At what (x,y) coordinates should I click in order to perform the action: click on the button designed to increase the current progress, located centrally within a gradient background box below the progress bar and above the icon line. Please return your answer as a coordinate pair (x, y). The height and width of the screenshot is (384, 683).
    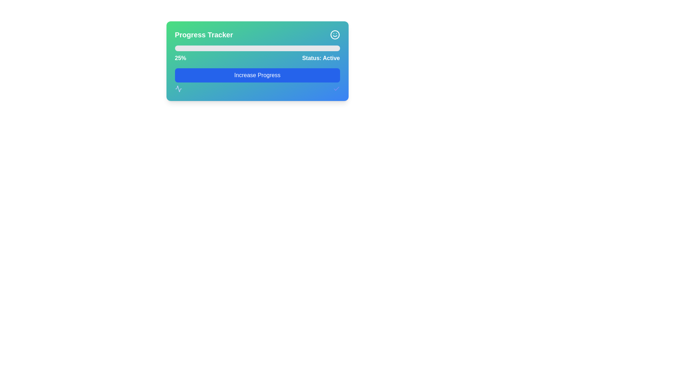
    Looking at the image, I should click on (257, 80).